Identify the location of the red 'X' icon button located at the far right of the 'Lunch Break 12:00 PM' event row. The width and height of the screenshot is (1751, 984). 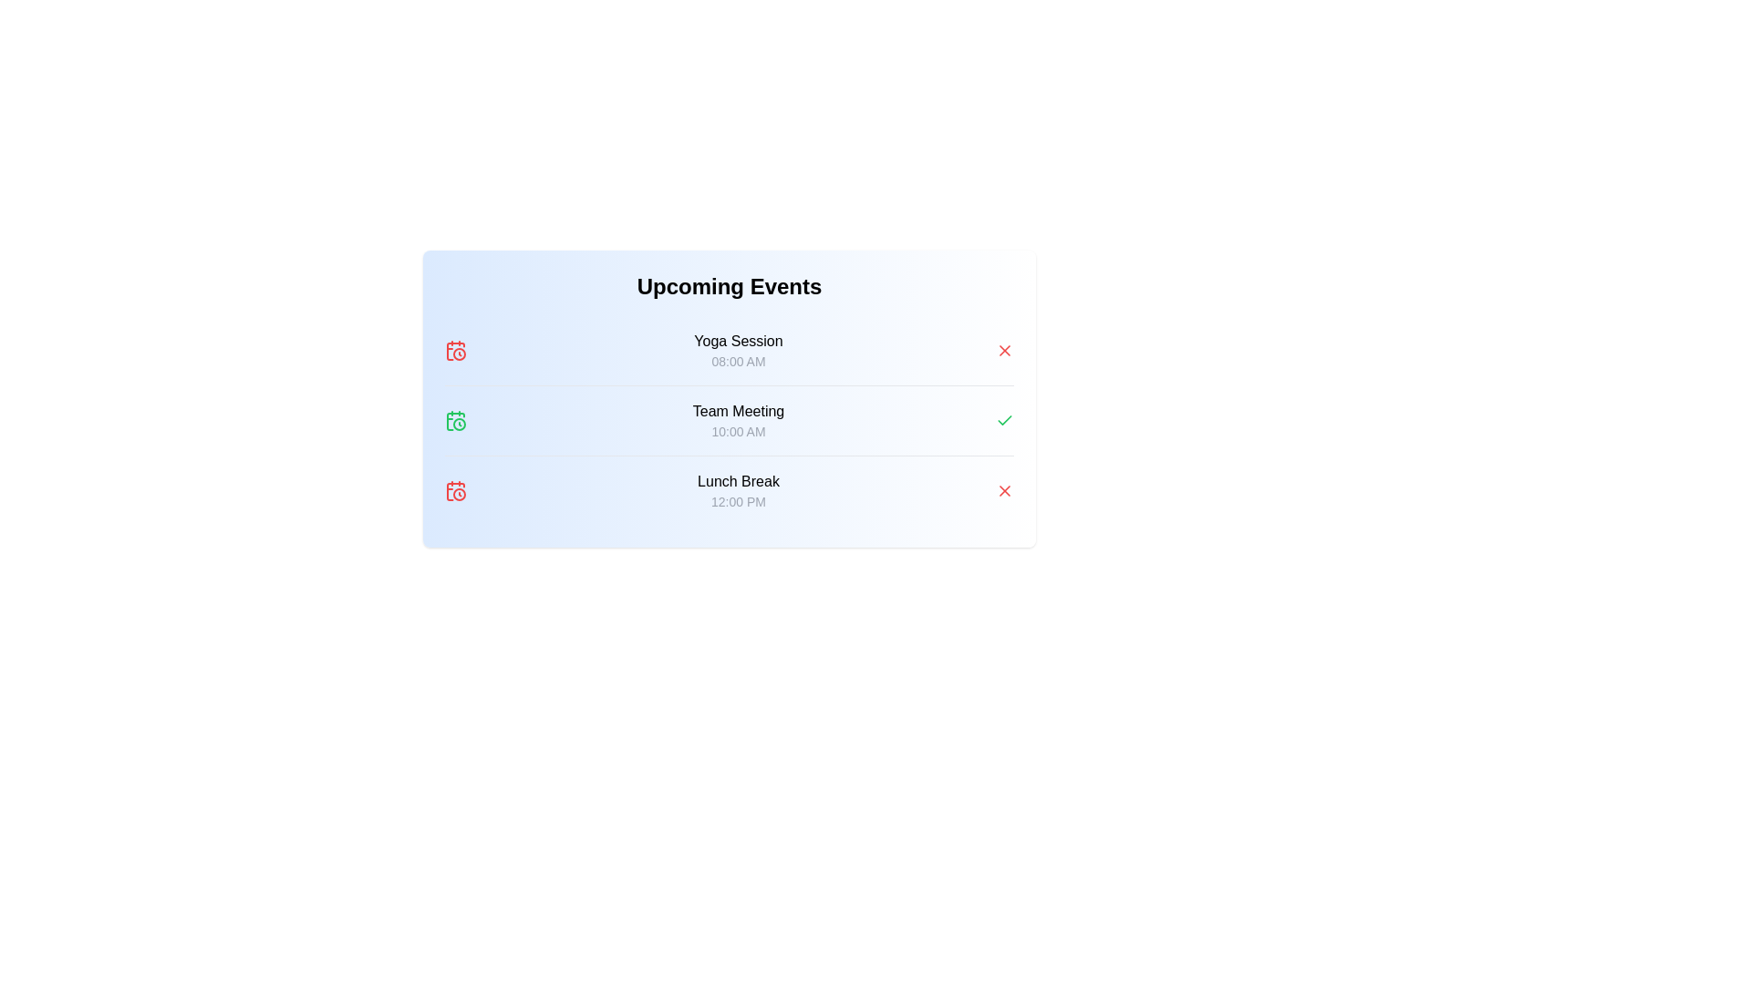
(1004, 490).